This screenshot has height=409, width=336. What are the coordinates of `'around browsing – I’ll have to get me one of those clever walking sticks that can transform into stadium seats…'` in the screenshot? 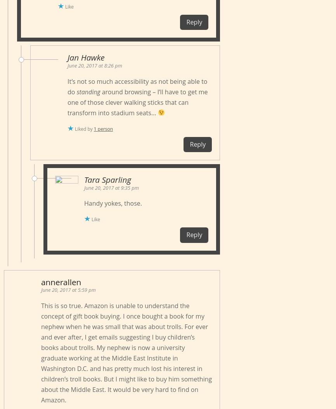 It's located at (67, 102).